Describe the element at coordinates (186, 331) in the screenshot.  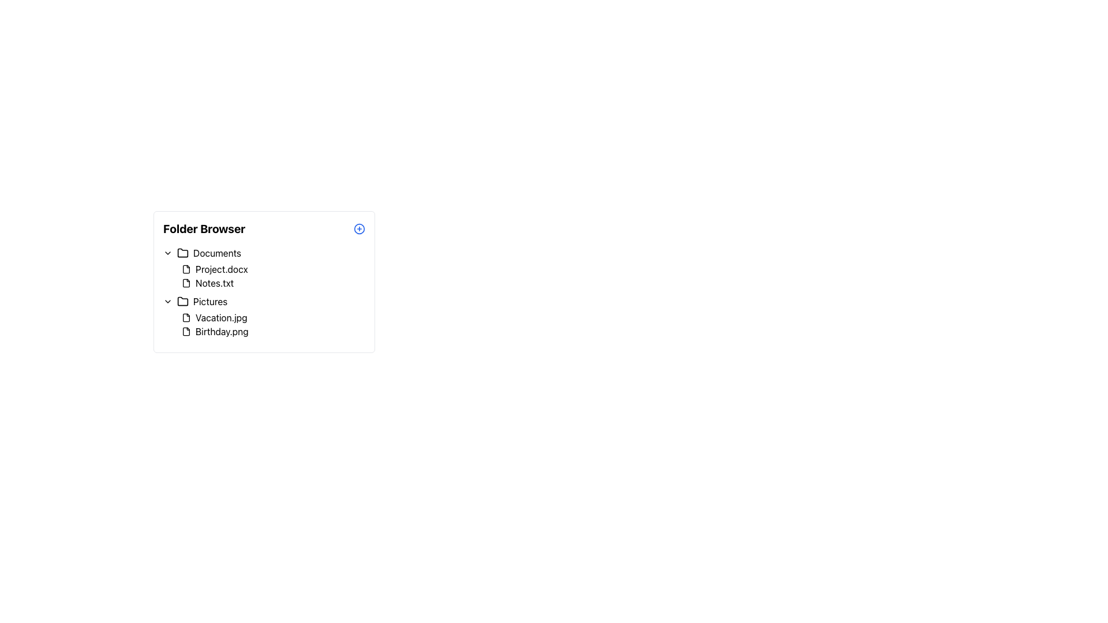
I see `the file icon located as the second item under the 'Pictures' folder in the folder browser interface, which is characterized by a rectangular shape with a folded corner design` at that location.